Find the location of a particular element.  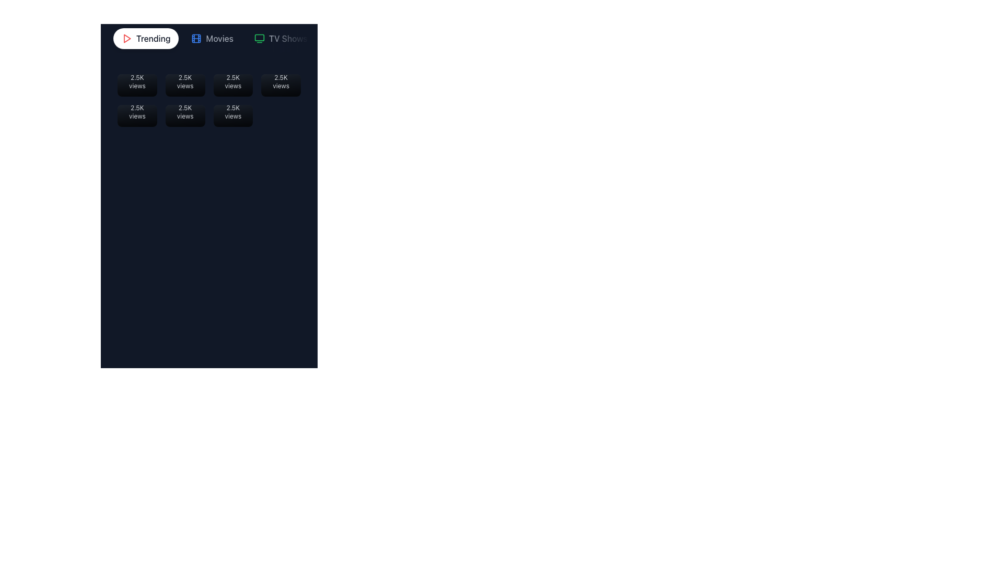

the text label displaying '2.5K views' in light gray located in the top left corner of the first grid item is located at coordinates (136, 76).